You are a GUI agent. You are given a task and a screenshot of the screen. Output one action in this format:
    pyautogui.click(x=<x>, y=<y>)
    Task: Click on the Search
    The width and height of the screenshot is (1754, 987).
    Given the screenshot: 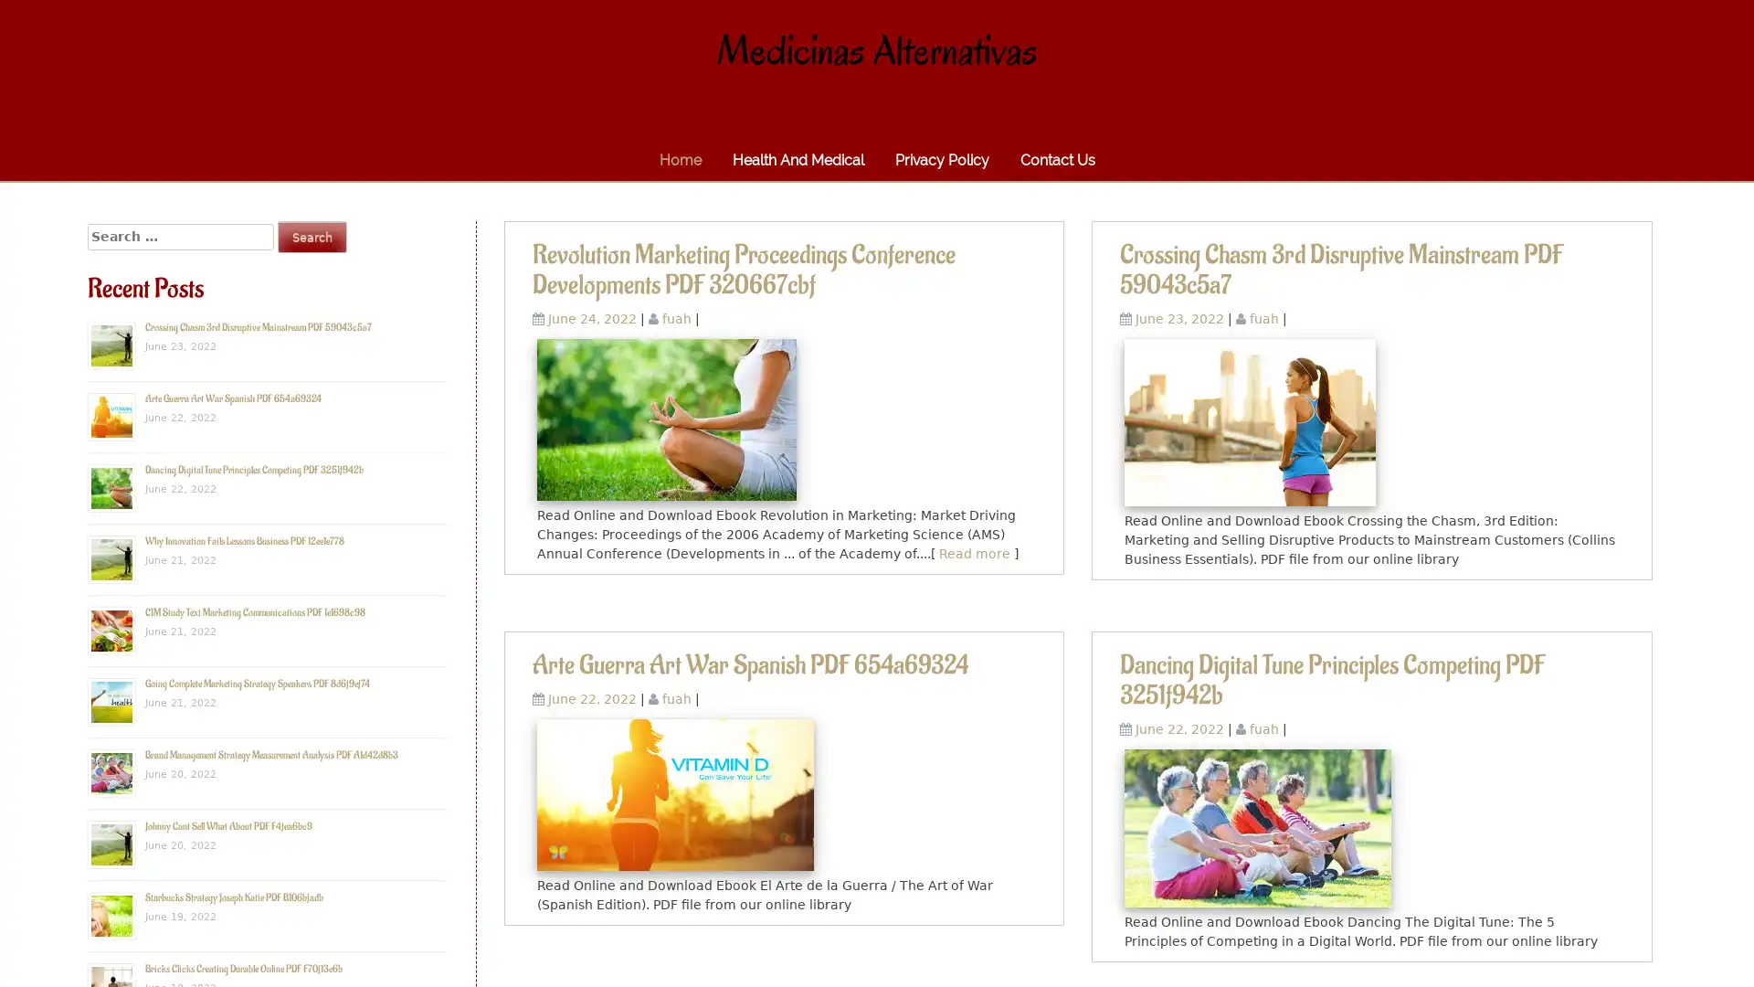 What is the action you would take?
    pyautogui.click(x=312, y=236)
    